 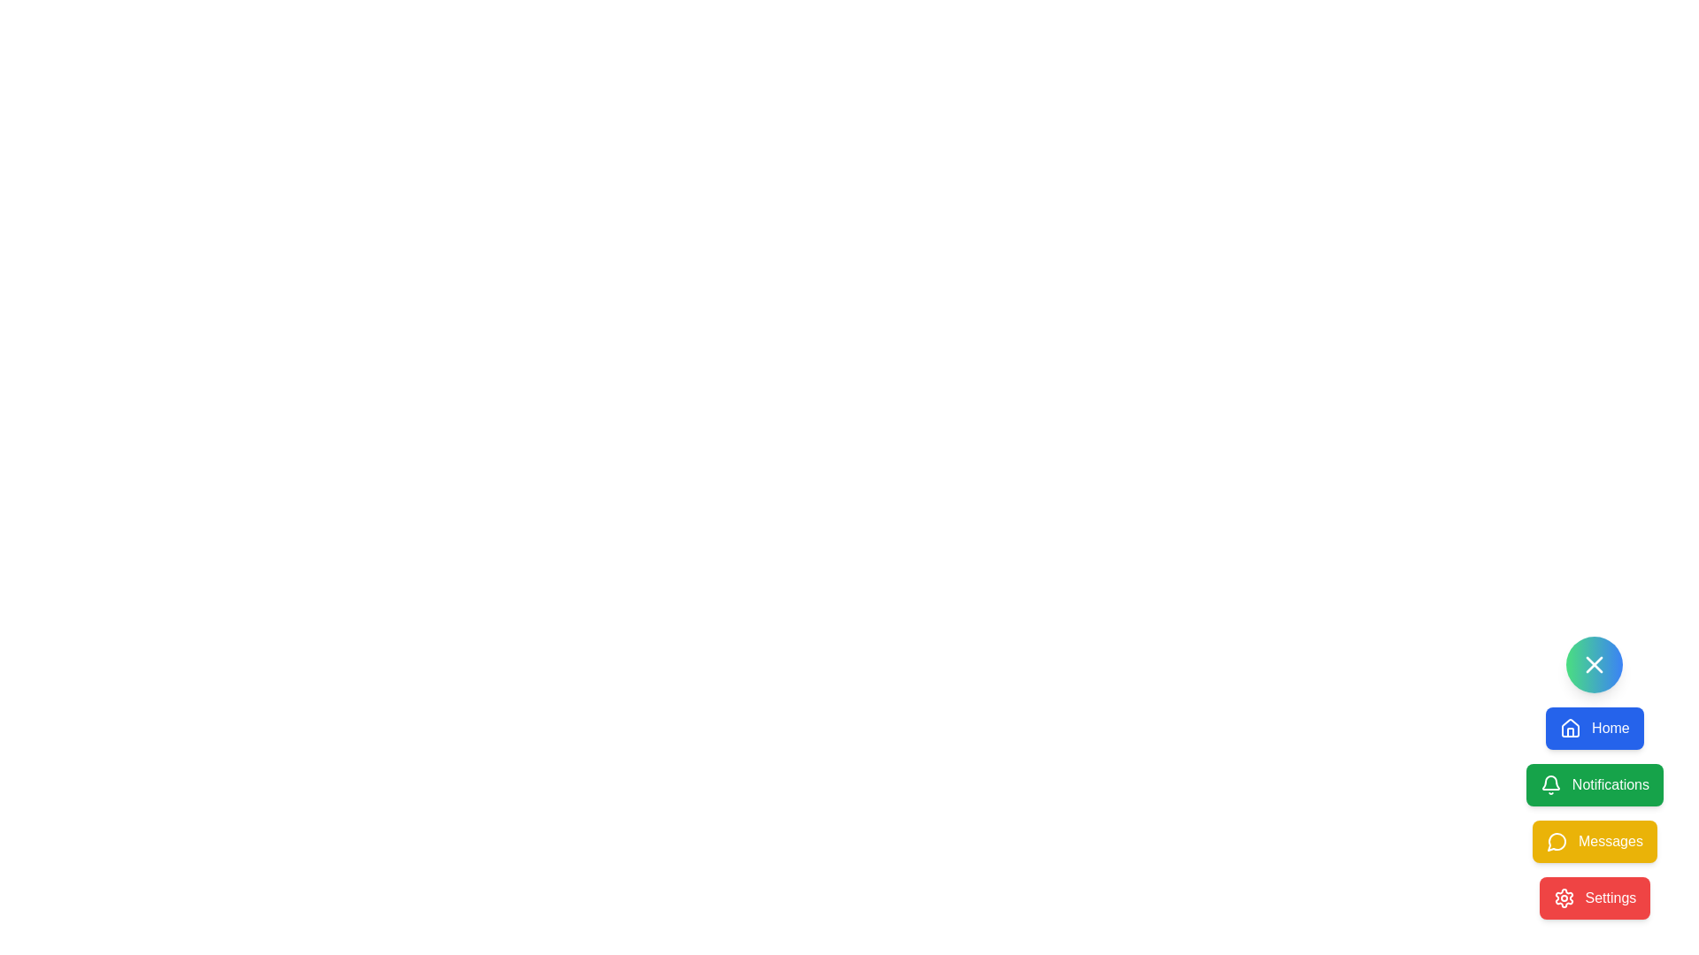 I want to click on the 'Home' icon located on the first button of a vertical stack on the right side of the interface, which is inside a blue button and appears to the left of the text 'Home', so click(x=1571, y=729).